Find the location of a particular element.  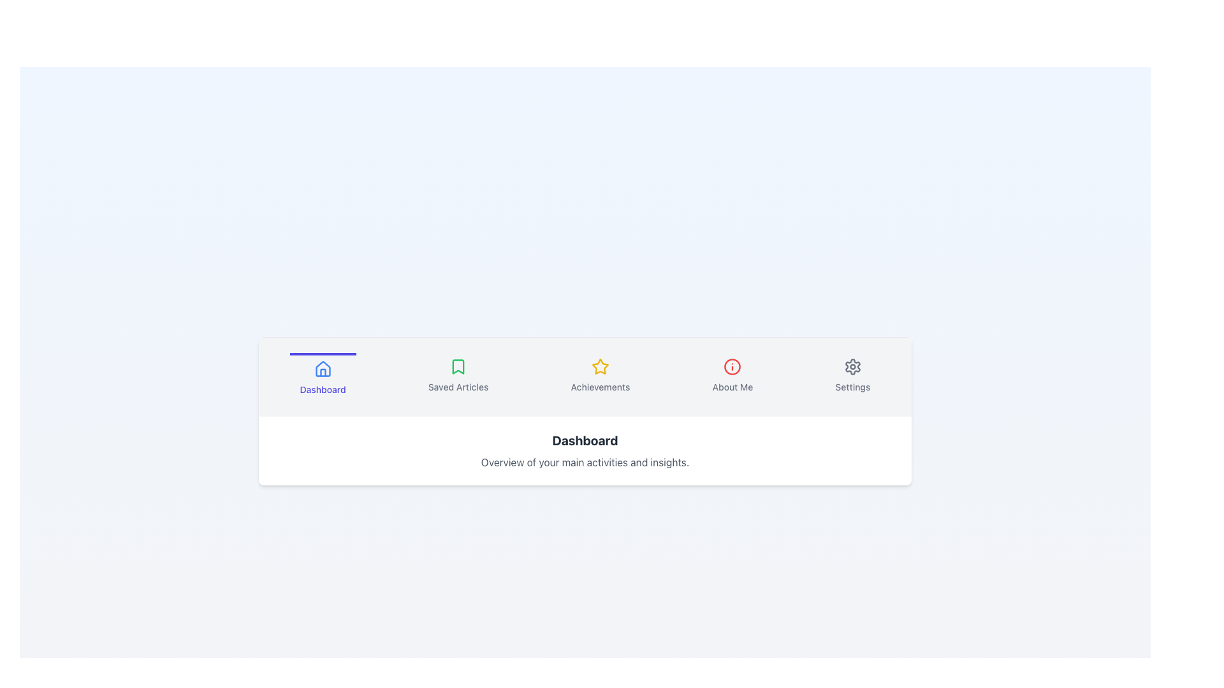

the gear-shaped icon in the 'Settings' section, which is styled in gray with a thin outline and positioned above the 'Settings' text label is located at coordinates (852, 366).